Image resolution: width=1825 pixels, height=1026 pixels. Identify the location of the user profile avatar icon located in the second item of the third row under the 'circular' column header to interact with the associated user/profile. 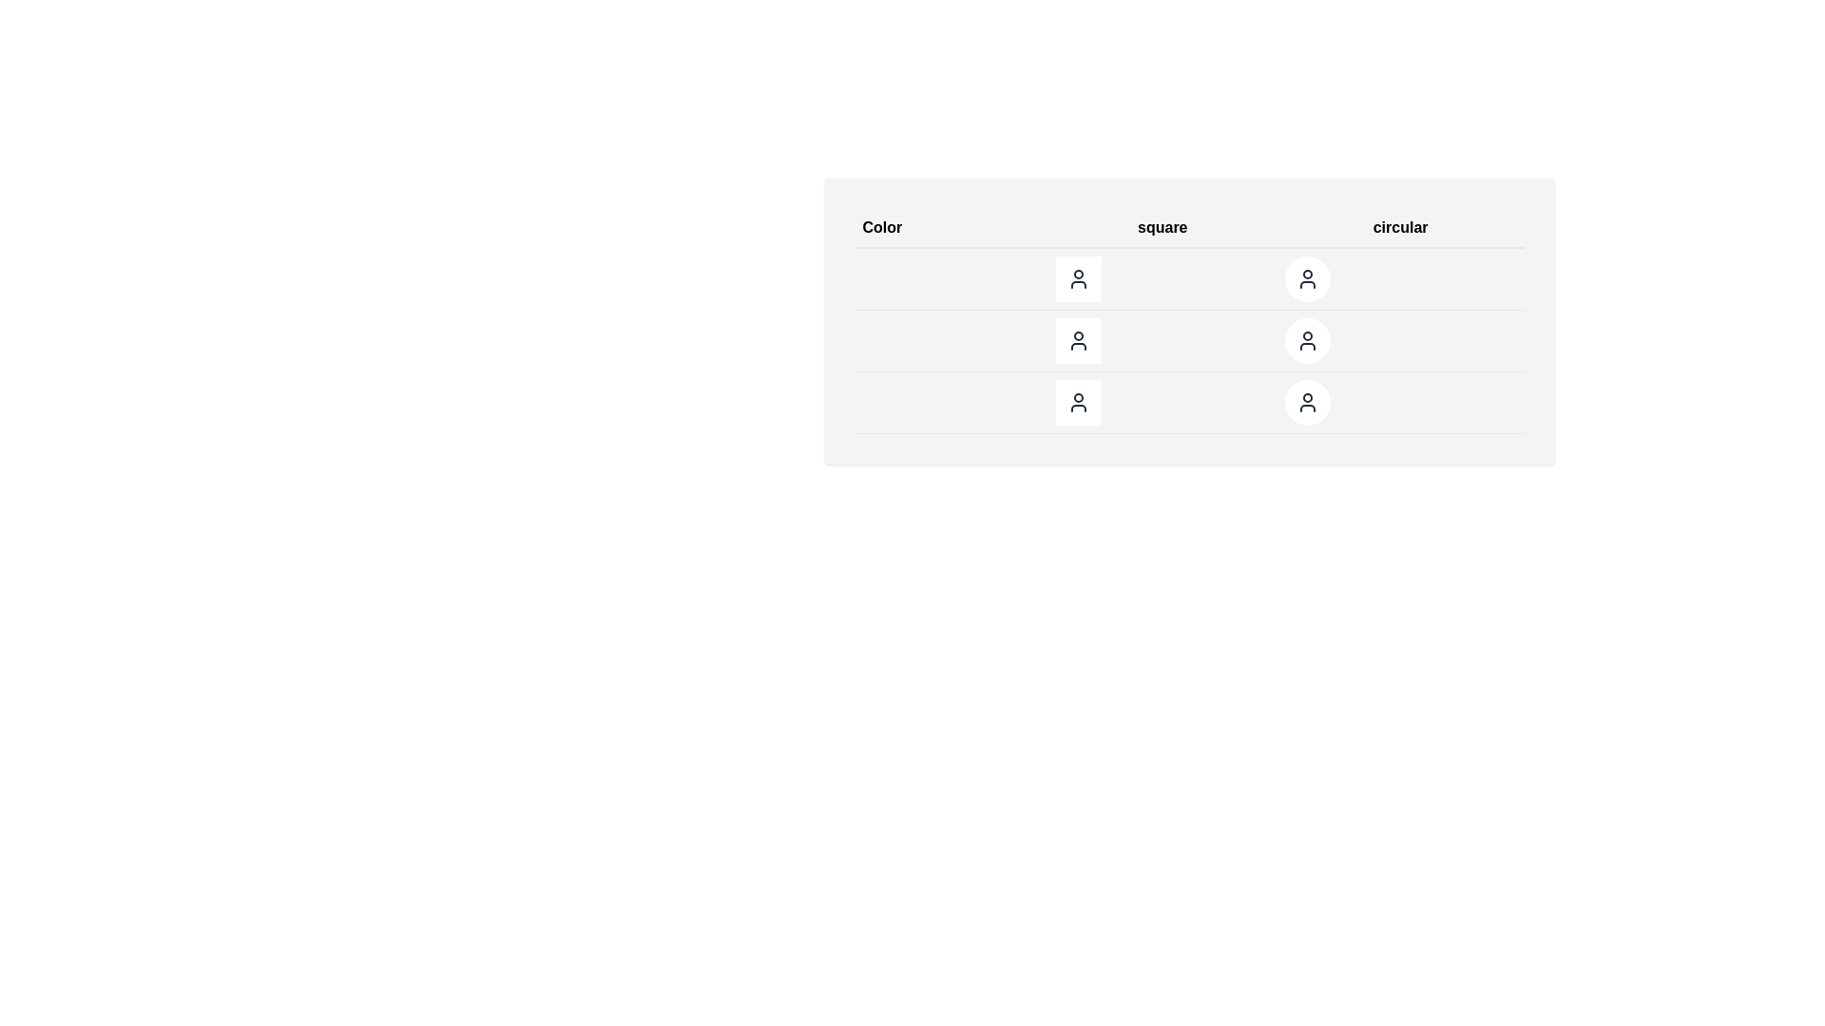
(1305, 339).